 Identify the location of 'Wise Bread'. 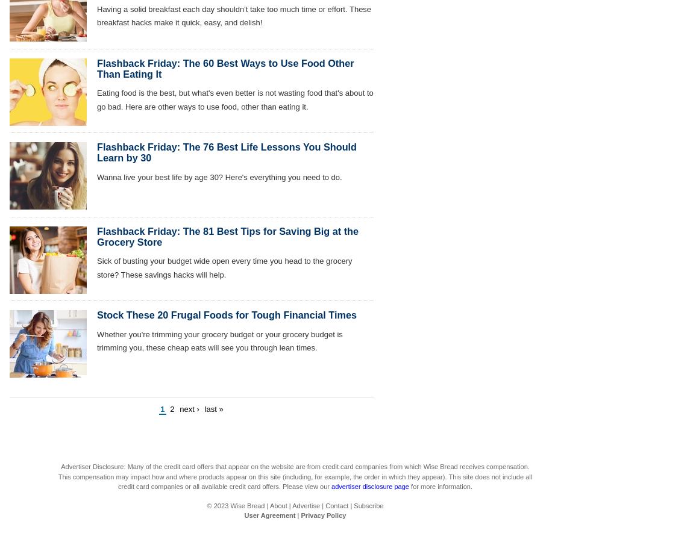
(230, 505).